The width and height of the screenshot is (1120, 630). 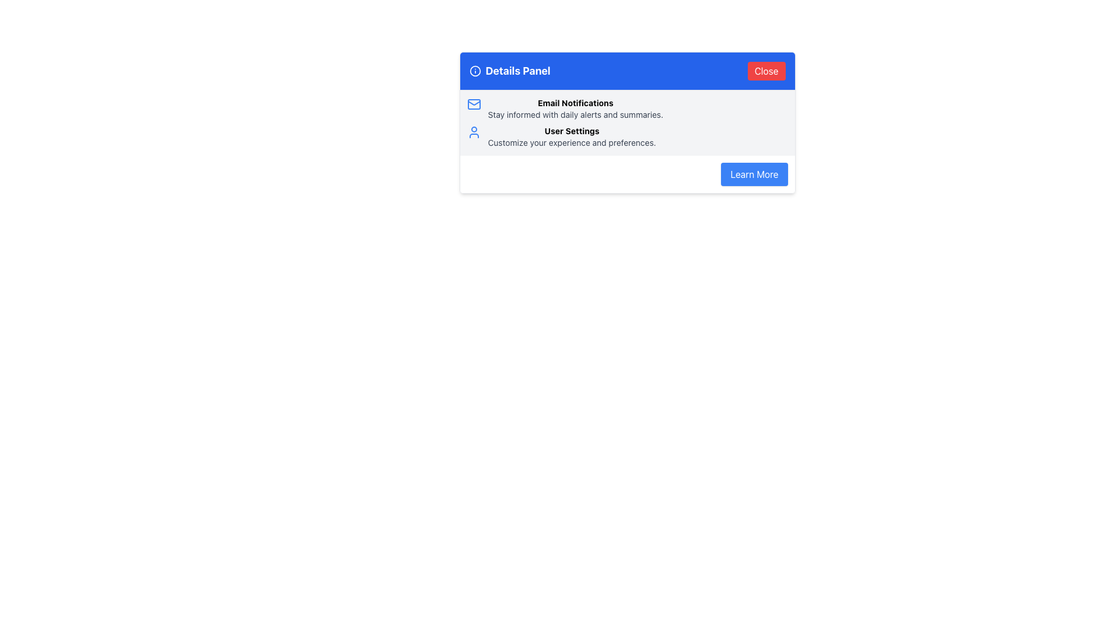 I want to click on the SVG Circle that serves as a decorative component of the help icon, positioned near the top-left corner of the interface, left of the 'Details Panel' title, so click(x=475, y=71).